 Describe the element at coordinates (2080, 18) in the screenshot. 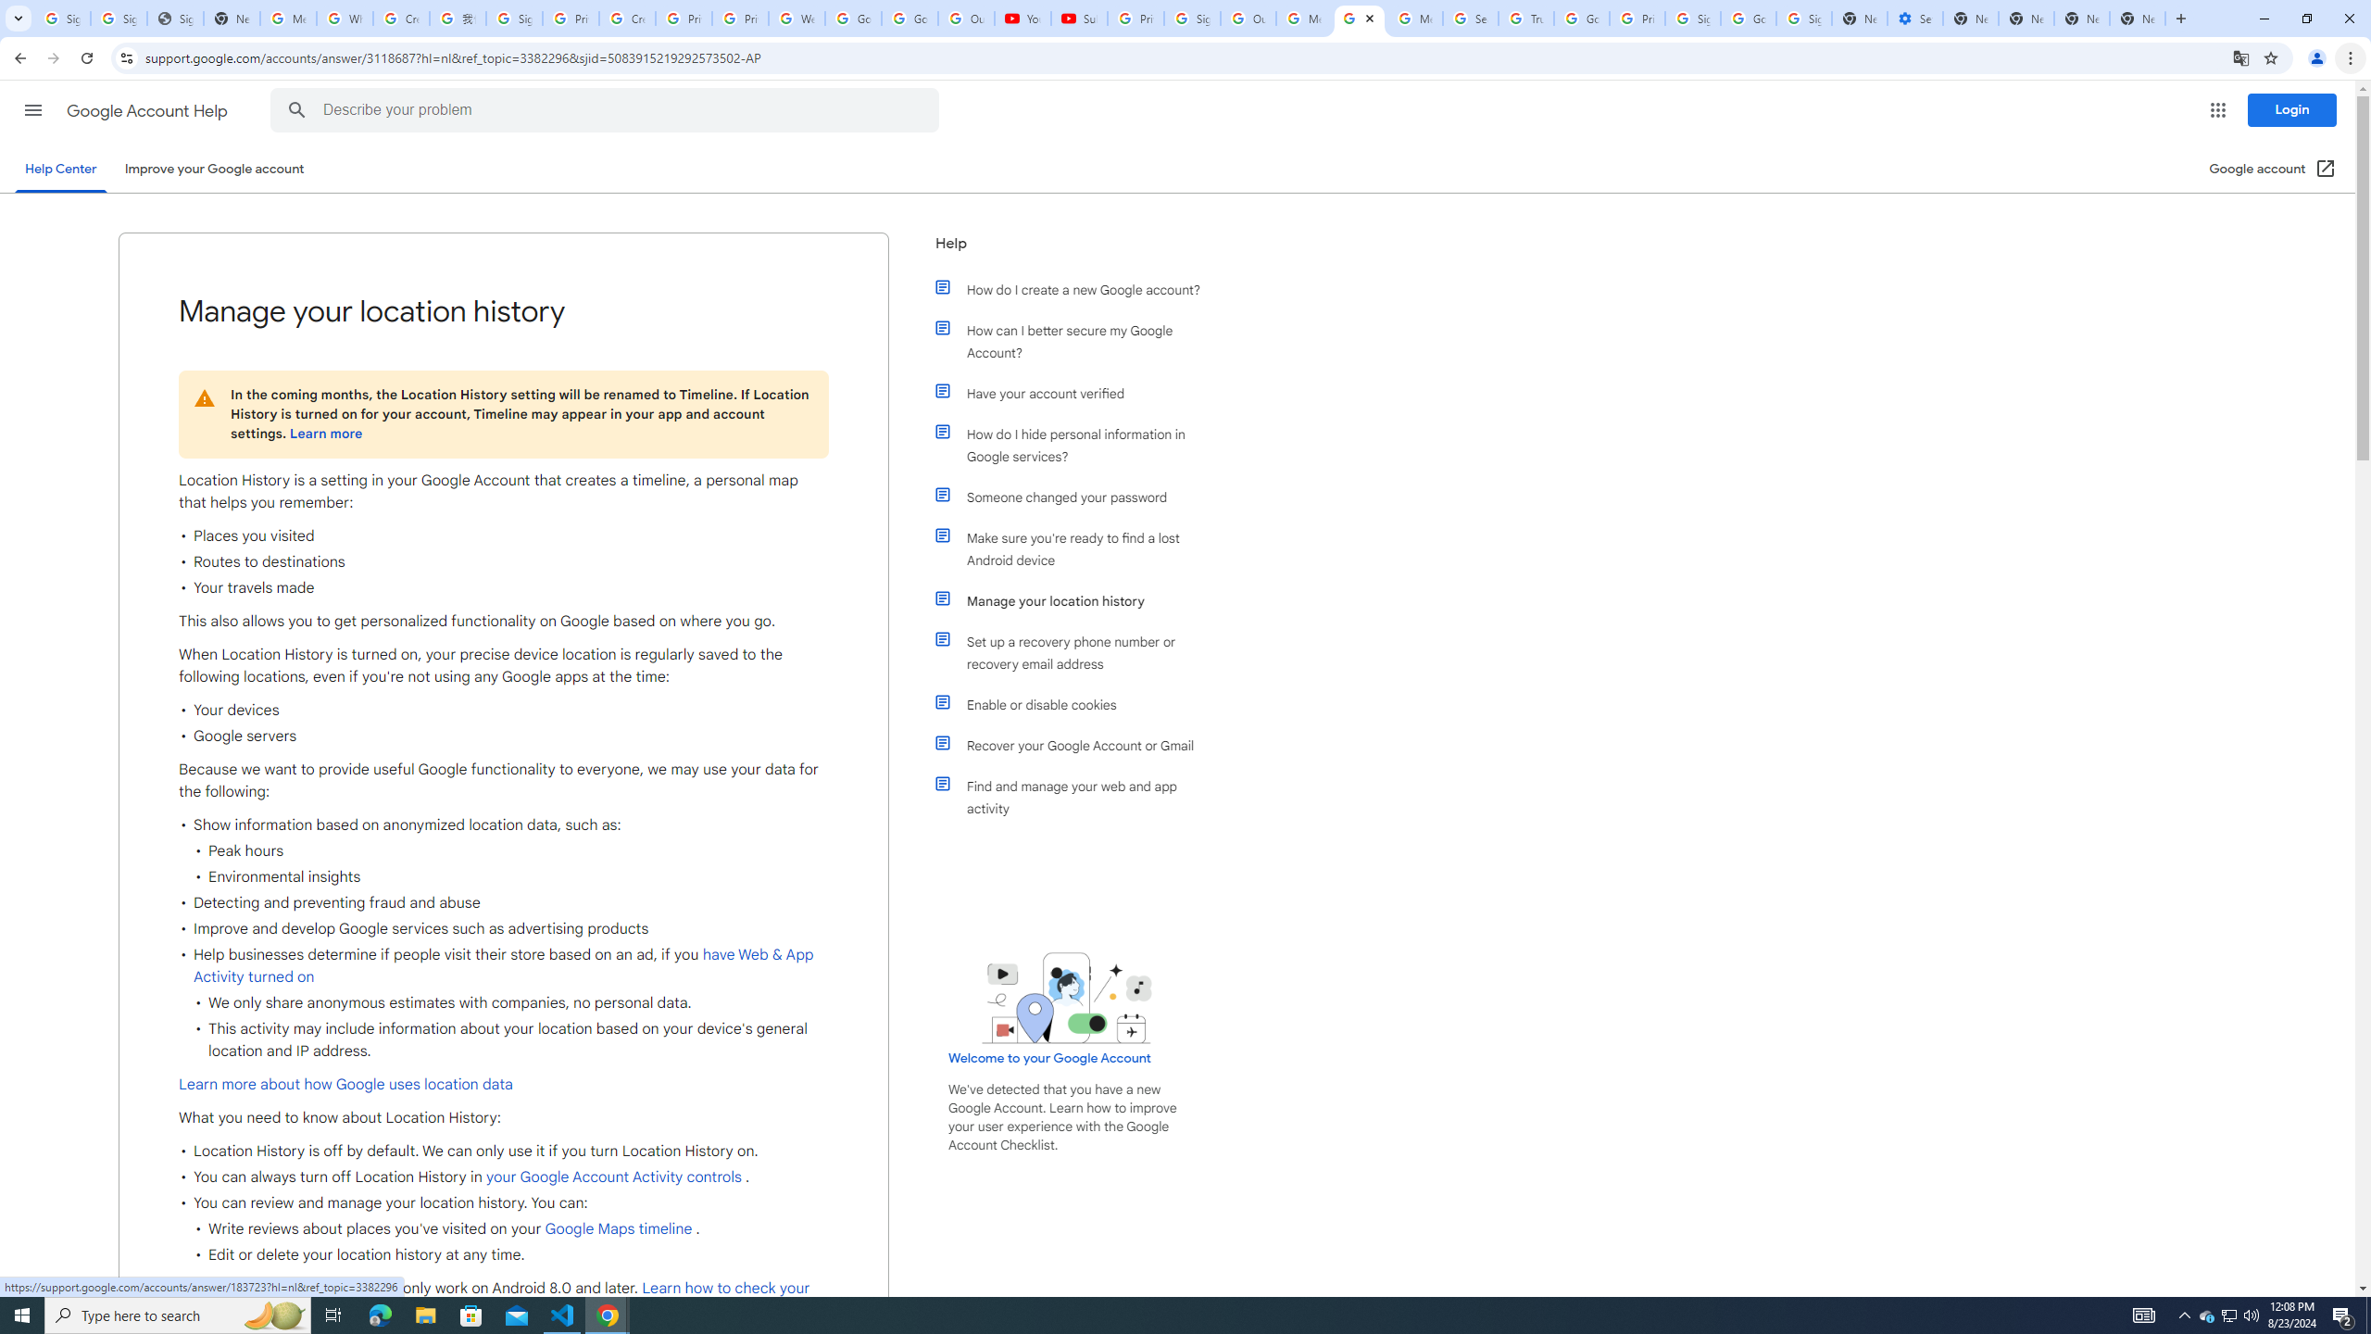

I see `'New Tab'` at that location.